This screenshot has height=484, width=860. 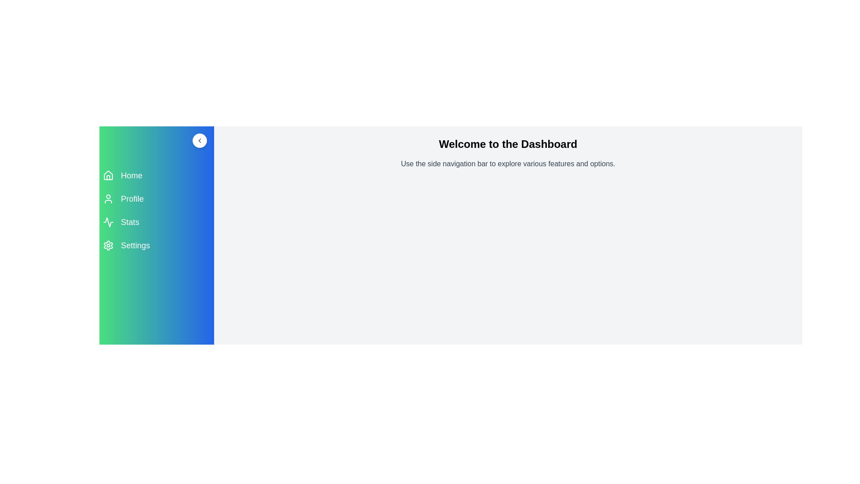 I want to click on the 'Home' navigation button located at the top of the vertical menu on the left side of the interface, so click(x=157, y=176).